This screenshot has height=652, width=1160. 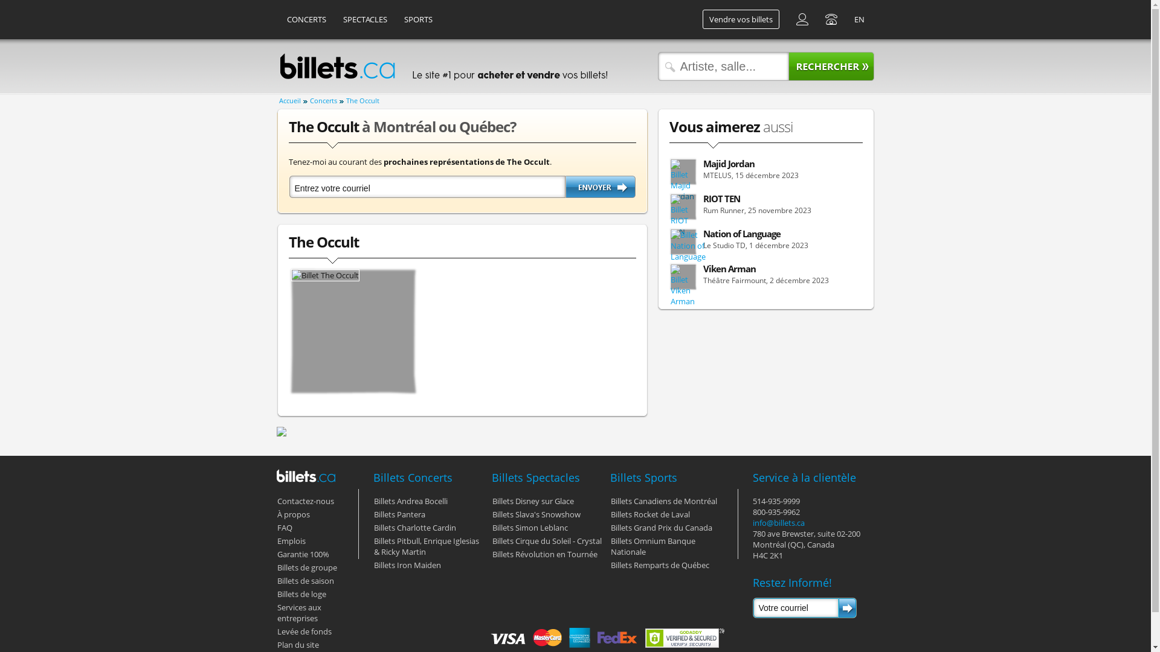 What do you see at coordinates (326, 101) in the screenshot?
I see `'Concerts'` at bounding box center [326, 101].